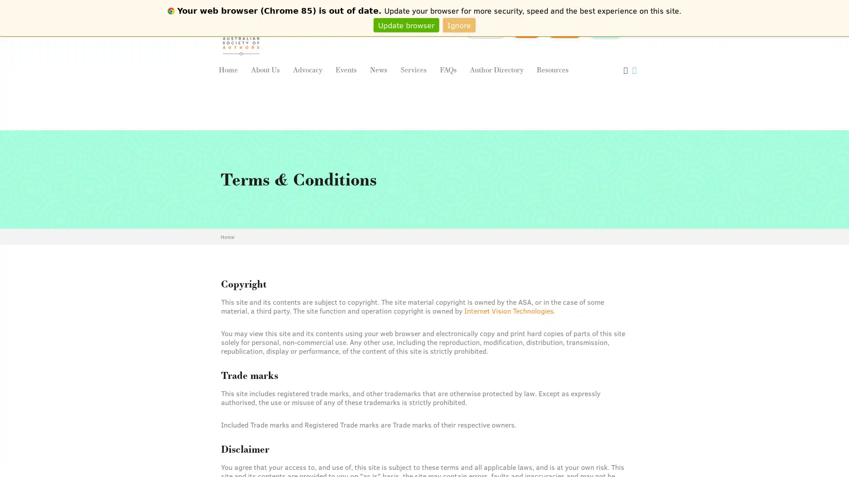 The image size is (849, 477). I want to click on Ignore, so click(459, 24).